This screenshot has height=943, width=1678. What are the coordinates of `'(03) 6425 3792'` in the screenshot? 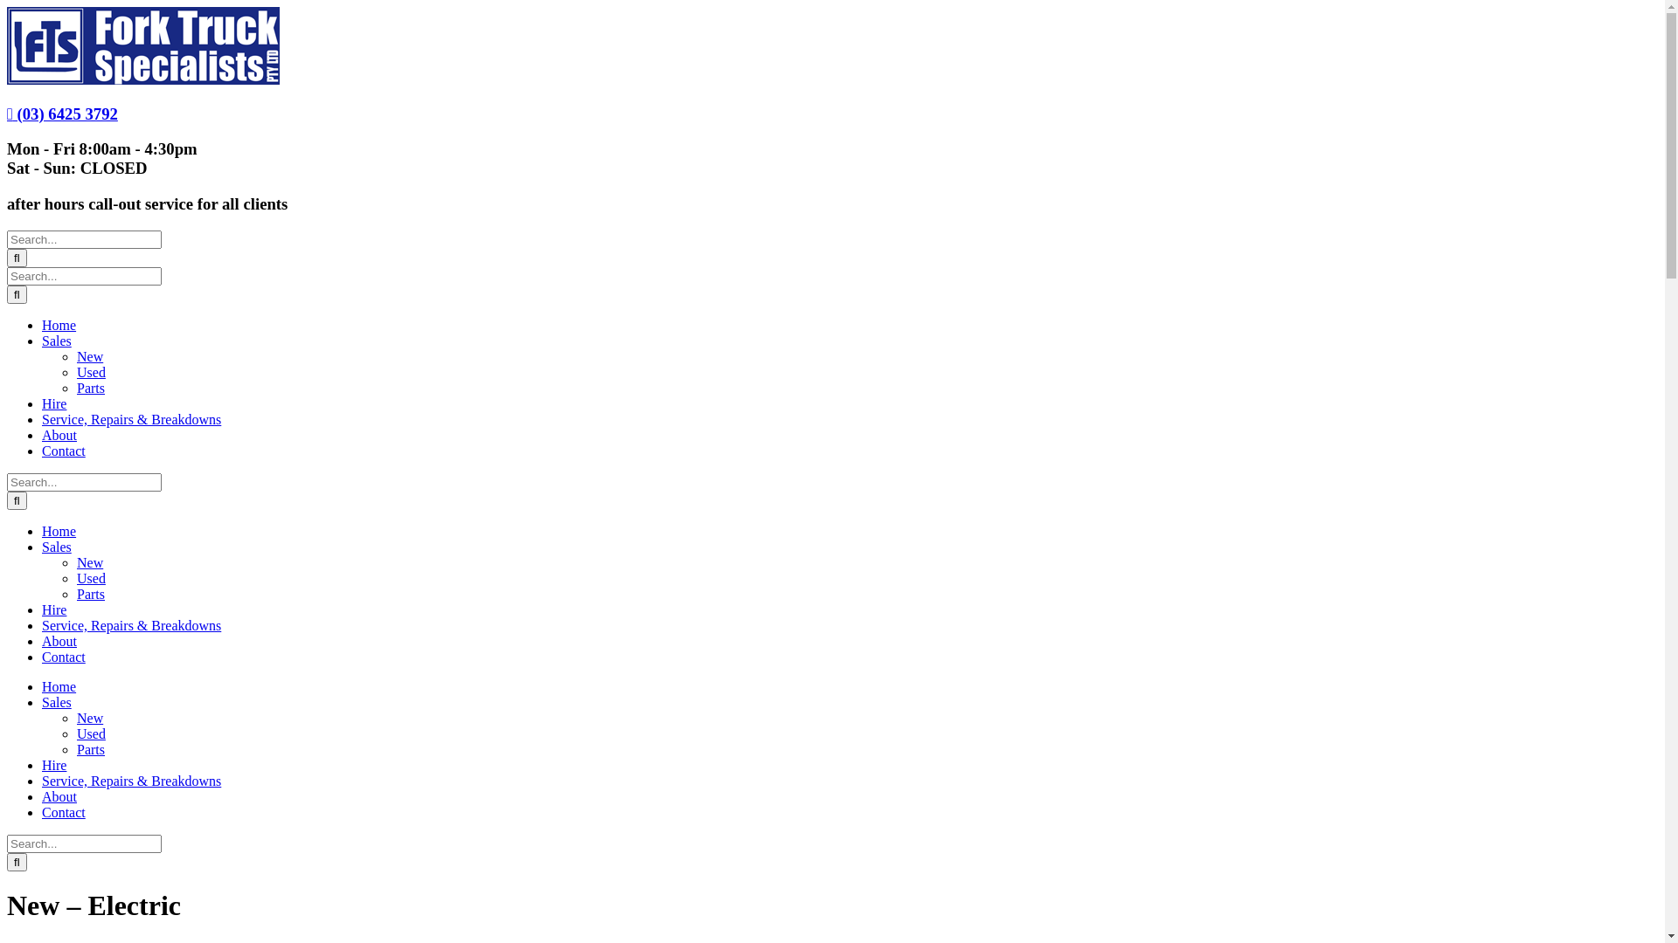 It's located at (62, 114).